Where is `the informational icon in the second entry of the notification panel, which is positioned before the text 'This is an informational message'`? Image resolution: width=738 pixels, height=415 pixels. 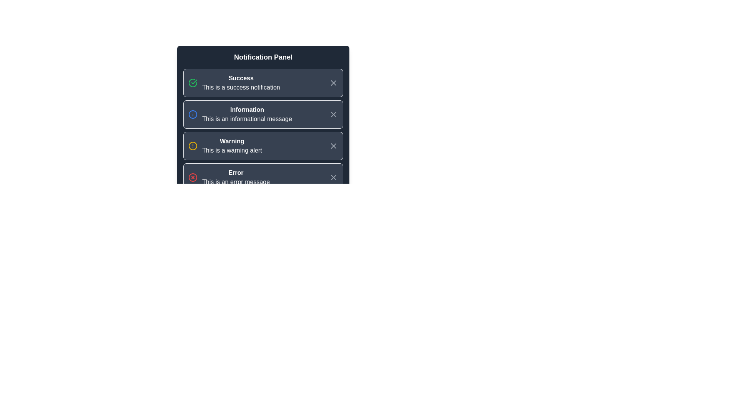 the informational icon in the second entry of the notification panel, which is positioned before the text 'This is an informational message' is located at coordinates (193, 114).